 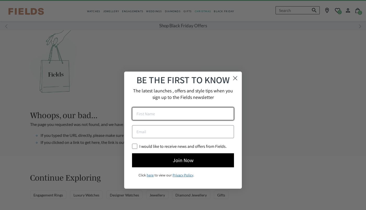 What do you see at coordinates (124, 194) in the screenshot?
I see `'Designer Watches'` at bounding box center [124, 194].